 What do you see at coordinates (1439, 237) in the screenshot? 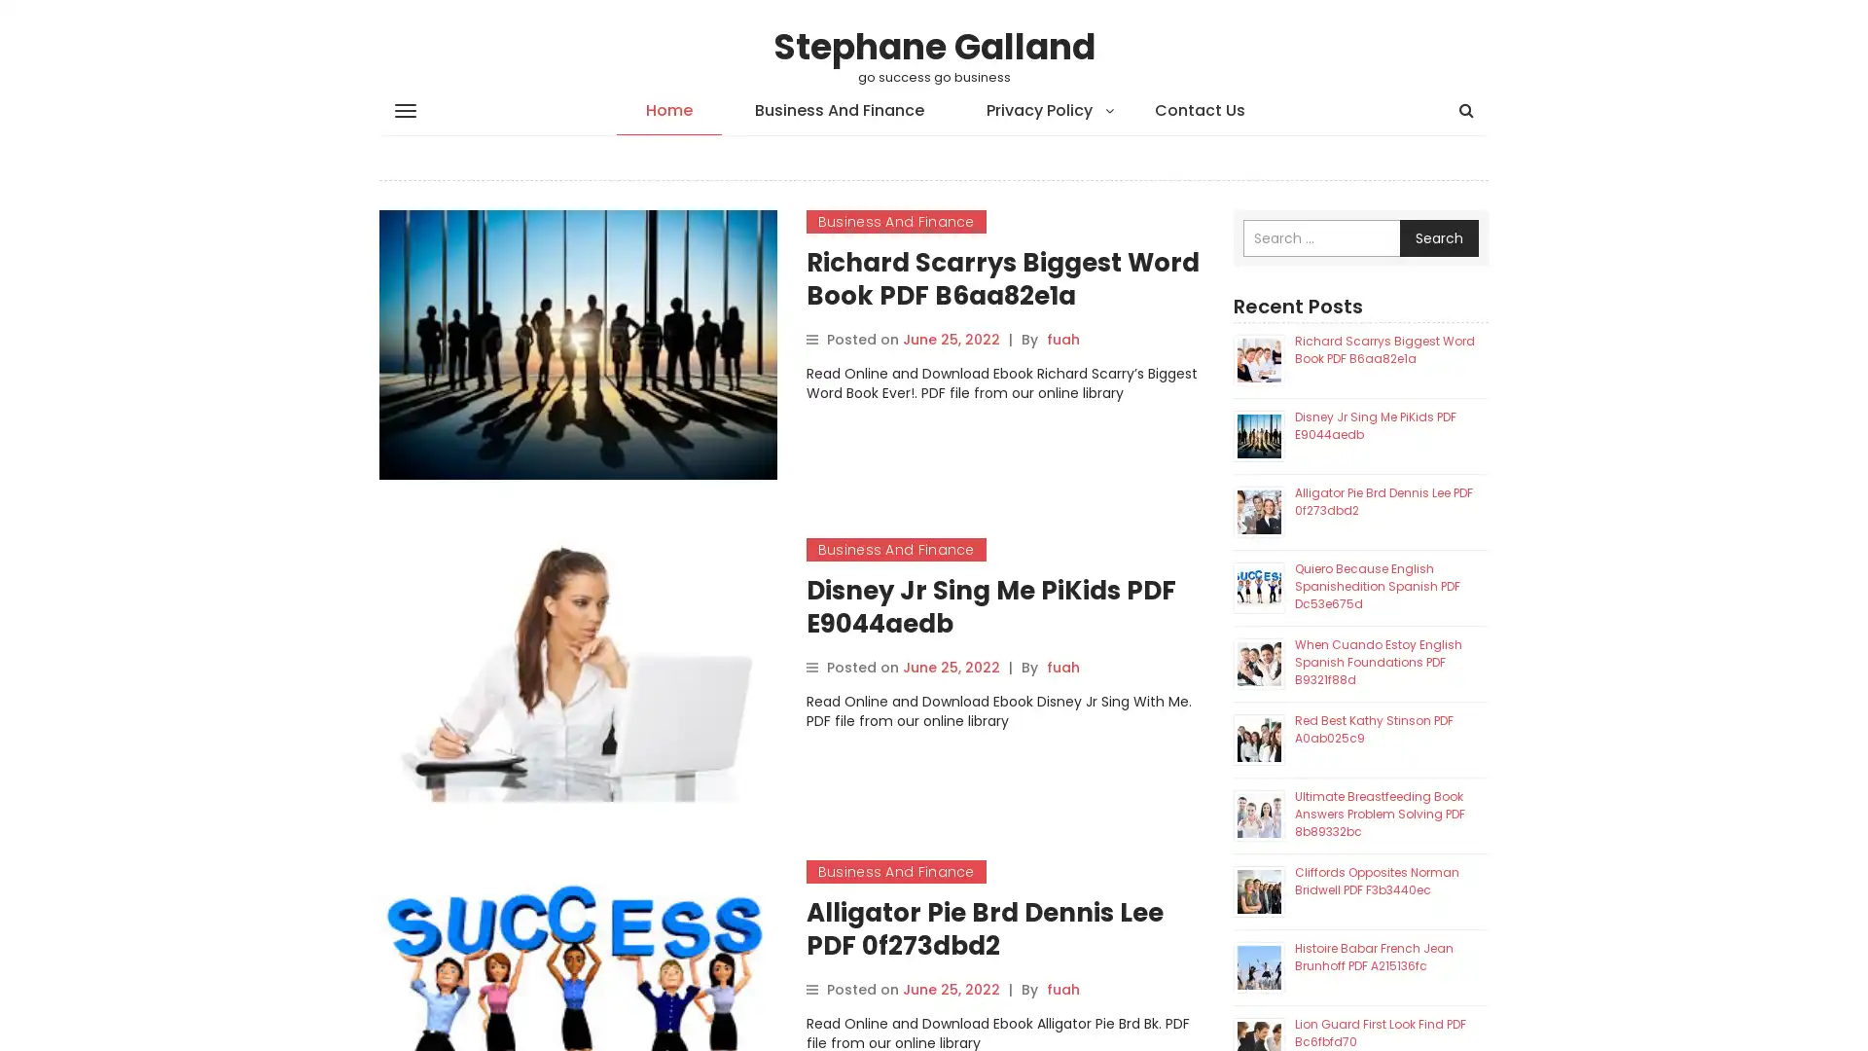
I see `Search` at bounding box center [1439, 237].